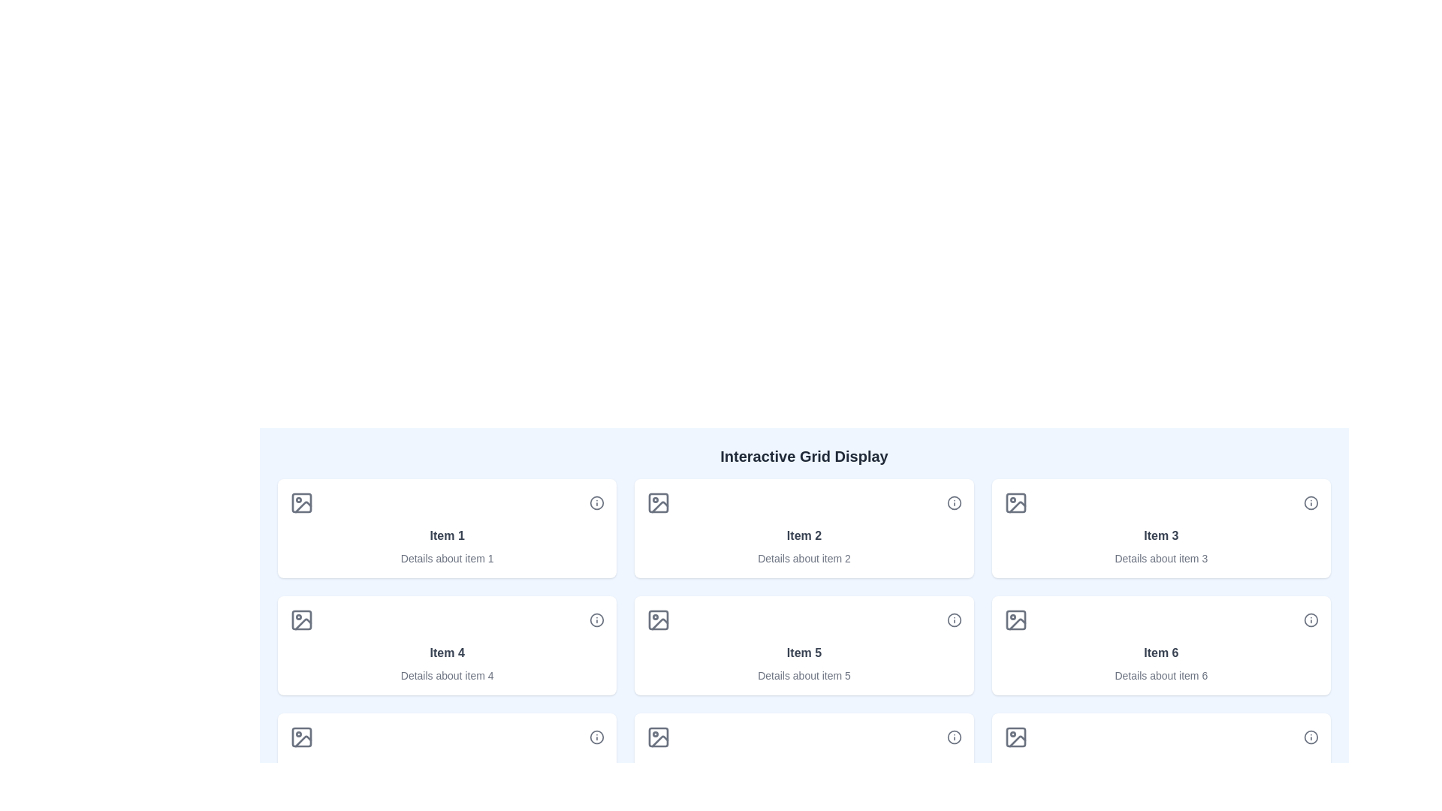 This screenshot has width=1442, height=811. What do you see at coordinates (596, 737) in the screenshot?
I see `the interactive circular icon with a gray border and a central information symbol, located at the far-right corner of a row of similar icons` at bounding box center [596, 737].